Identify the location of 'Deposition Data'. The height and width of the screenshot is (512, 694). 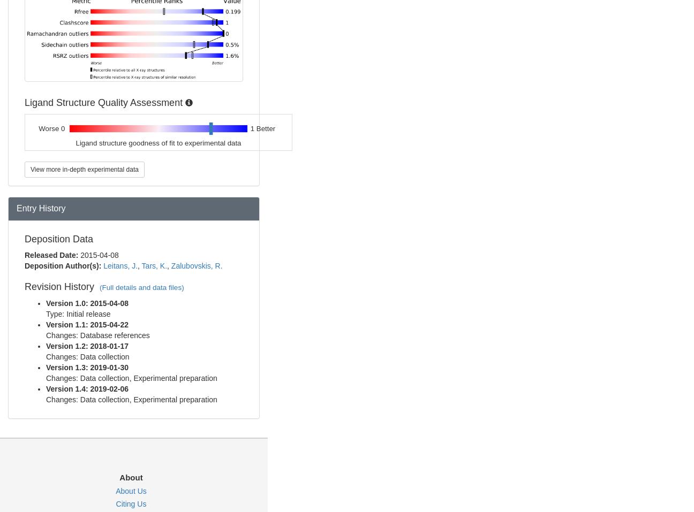
(59, 238).